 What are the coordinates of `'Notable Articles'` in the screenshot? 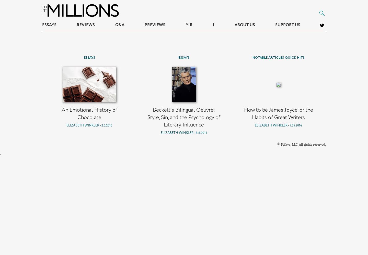 It's located at (252, 57).